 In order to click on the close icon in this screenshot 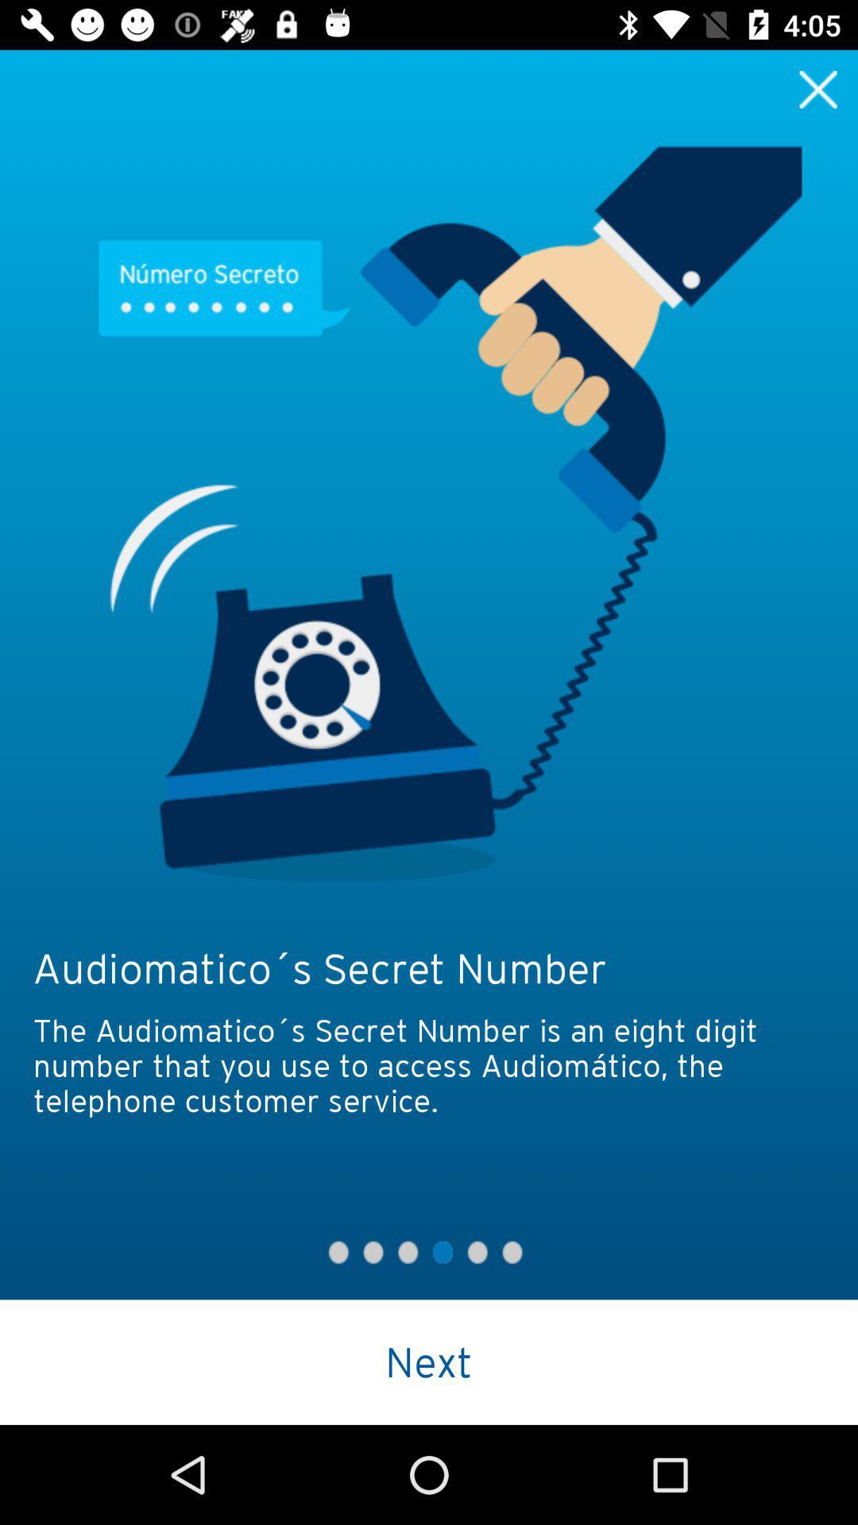, I will do `click(818, 88)`.